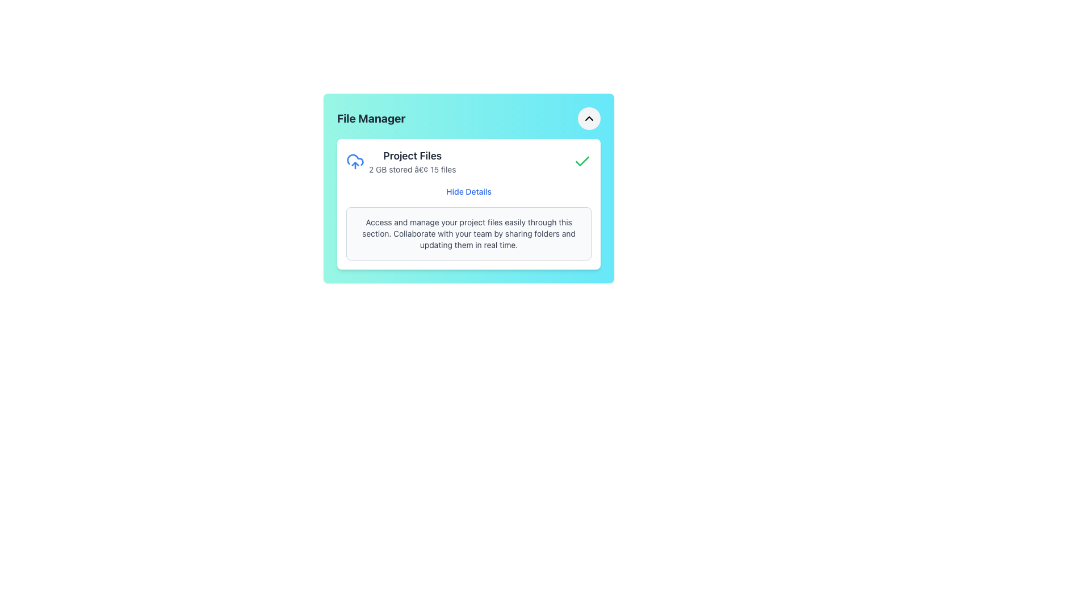 The image size is (1090, 613). Describe the element at coordinates (401, 162) in the screenshot. I see `the Text Block with Icon that presents an overview of the user's stored project files, located below the 'File Manager' header and above 'Hide Details'` at that location.